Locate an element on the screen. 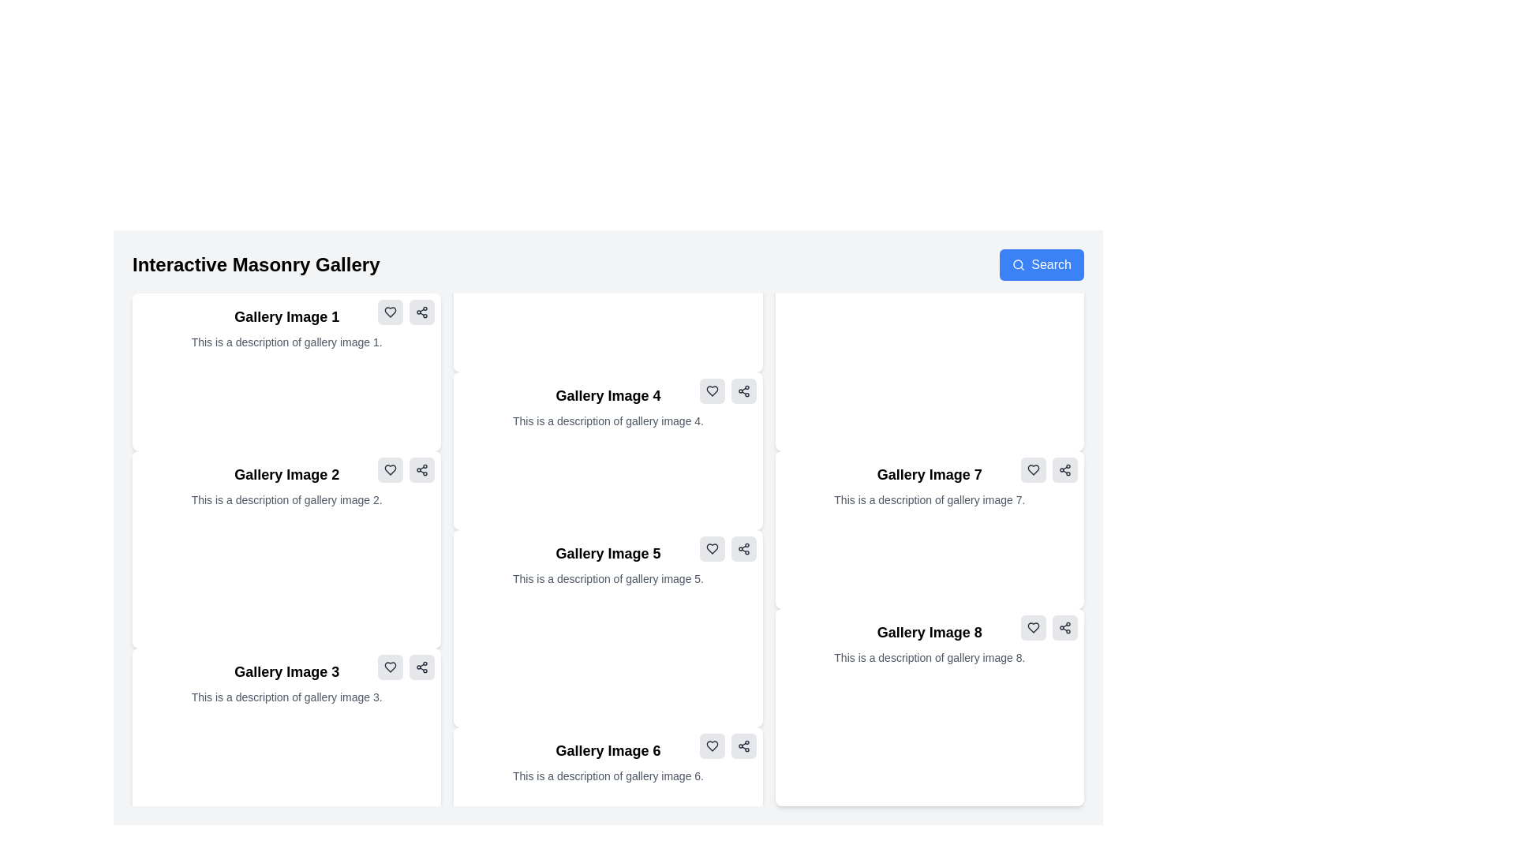 The image size is (1515, 852). the 'like' or 'favorite' button located in the top-right corner of the 'Gallery Image 2' card is located at coordinates (391, 312).